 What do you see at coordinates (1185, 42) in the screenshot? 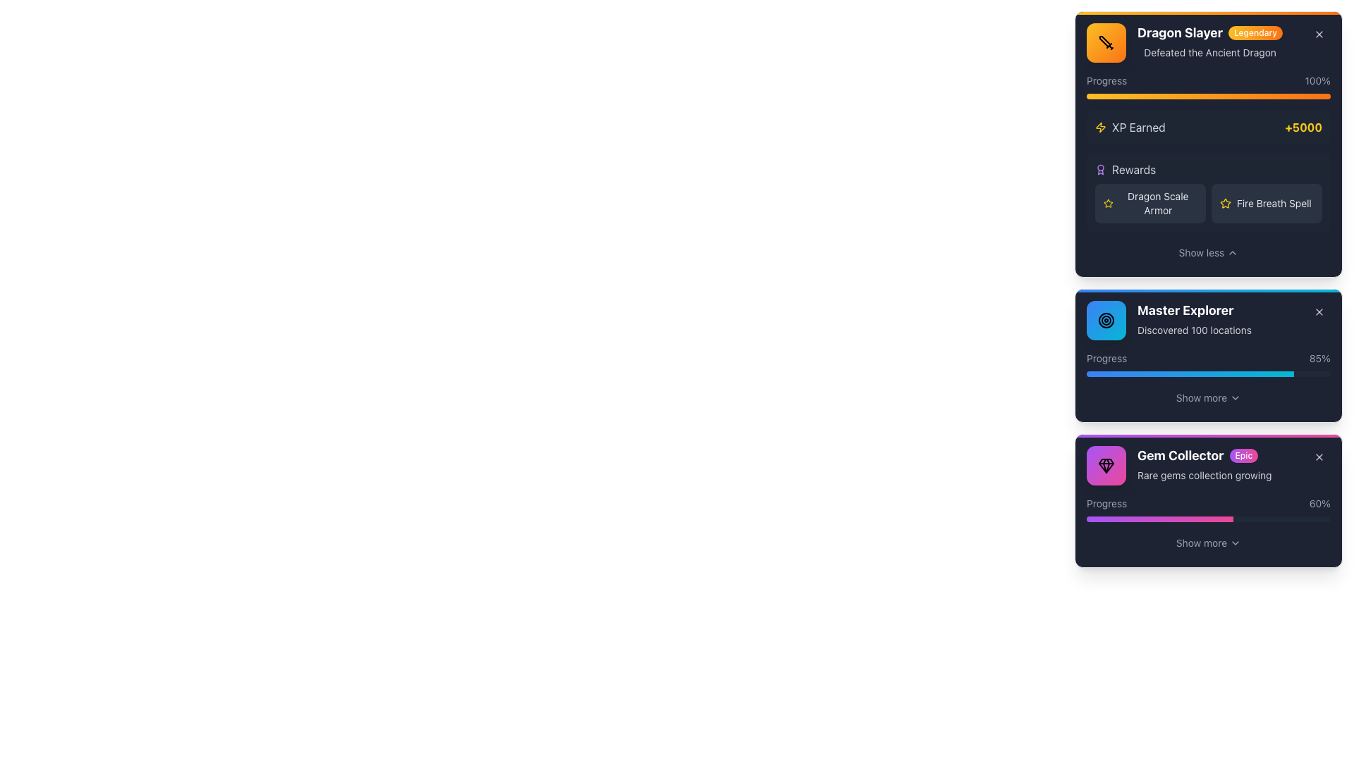
I see `text from the Informational Header labeled 'Dragon Slayer' with the subtitle 'Defeated the Ancient Dragon', which is styled in a dark theme and located at the top of the right-side informational card` at bounding box center [1185, 42].